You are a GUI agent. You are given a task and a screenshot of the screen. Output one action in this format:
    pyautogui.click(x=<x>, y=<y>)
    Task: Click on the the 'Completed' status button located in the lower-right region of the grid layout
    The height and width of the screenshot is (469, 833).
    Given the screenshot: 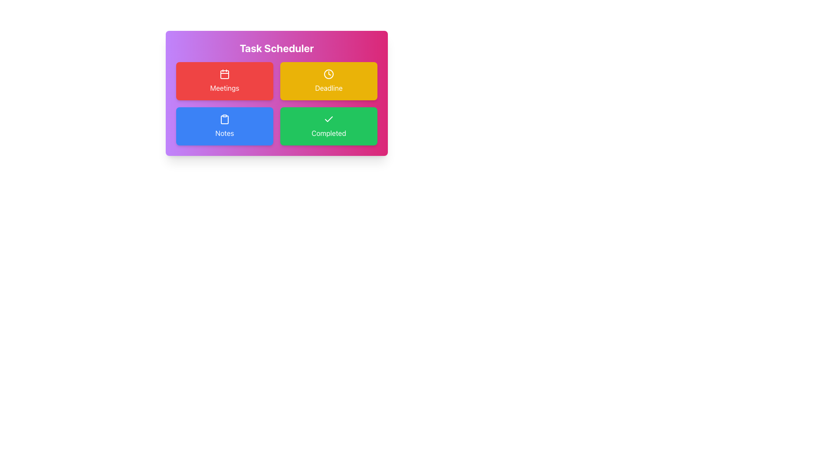 What is the action you would take?
    pyautogui.click(x=328, y=126)
    